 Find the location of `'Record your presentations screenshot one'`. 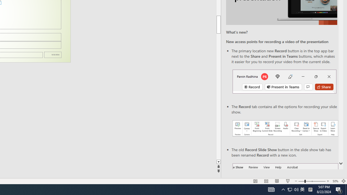

'Record your presentations screenshot one' is located at coordinates (285, 128).